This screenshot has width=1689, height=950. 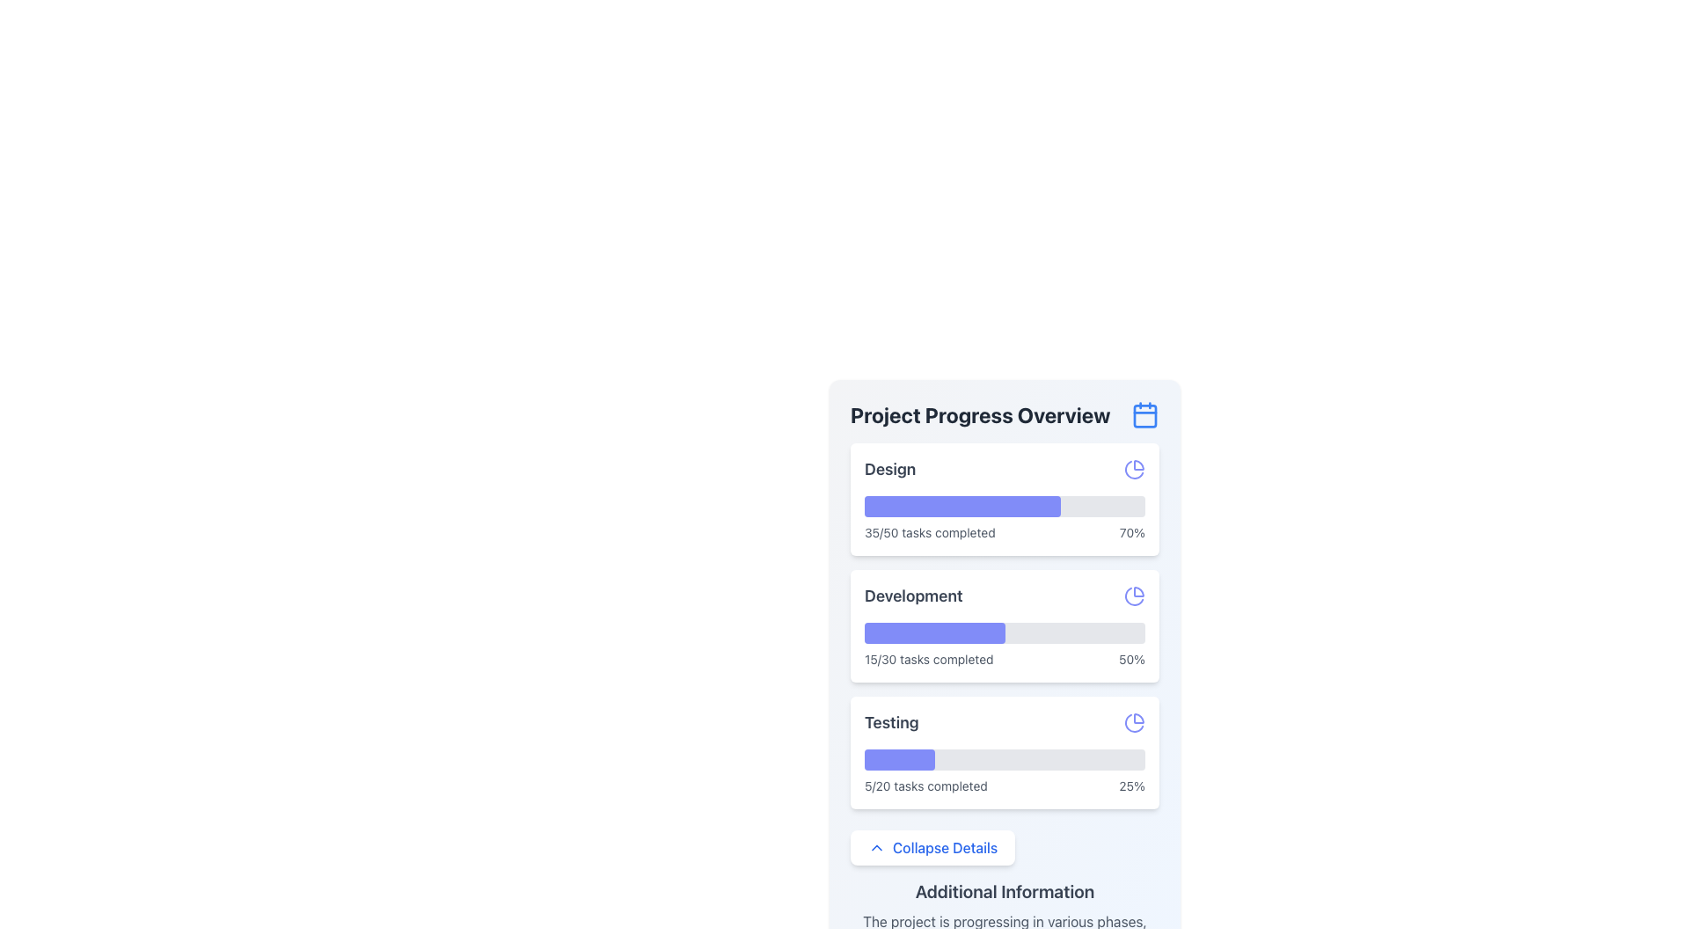 I want to click on the progress bar of the Progress indicator module titled 'Design', which shows a blue indication of 70% completion and the text '35/50 tasks completed', so click(x=1005, y=499).